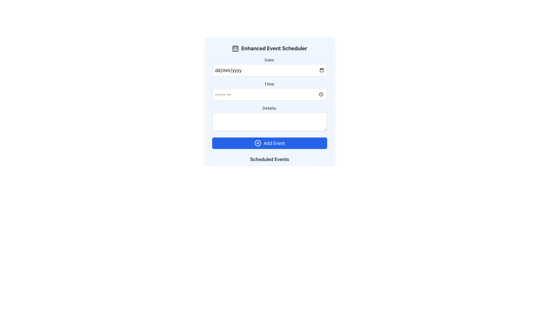  What do you see at coordinates (269, 60) in the screenshot?
I see `the text label that displays 'Date:' which is styled in gray and serves as a label above the date input field` at bounding box center [269, 60].